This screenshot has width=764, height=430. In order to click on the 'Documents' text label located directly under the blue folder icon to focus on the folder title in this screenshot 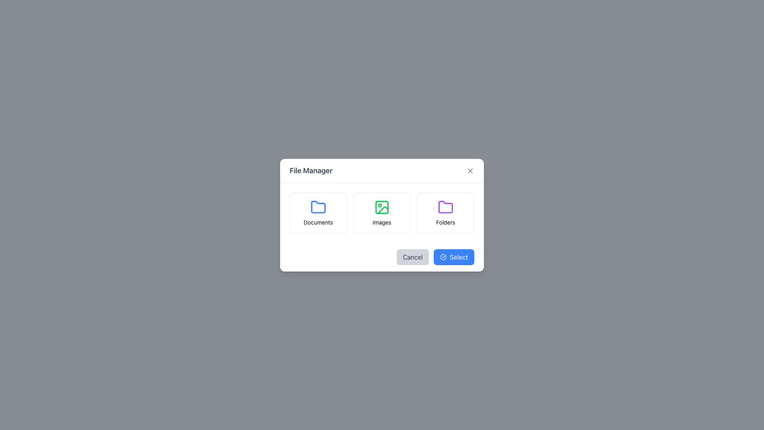, I will do `click(318, 222)`.